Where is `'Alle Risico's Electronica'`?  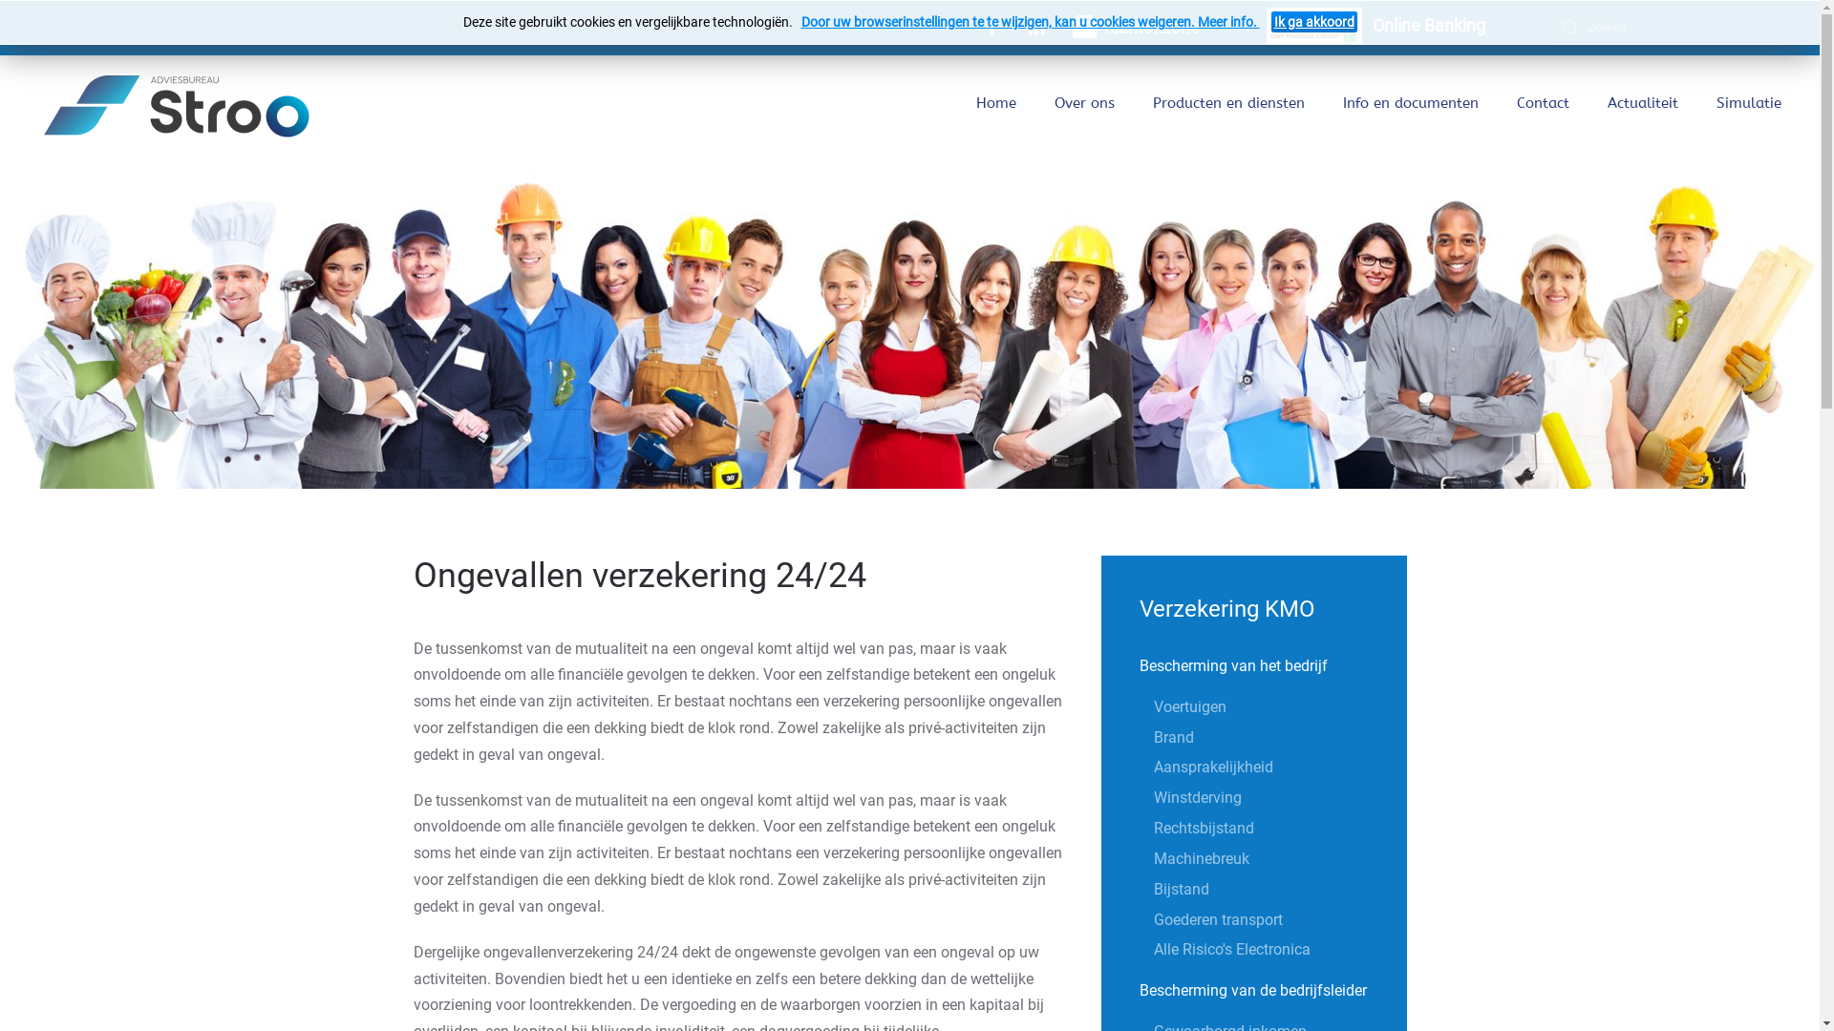 'Alle Risico's Electronica' is located at coordinates (1280, 950).